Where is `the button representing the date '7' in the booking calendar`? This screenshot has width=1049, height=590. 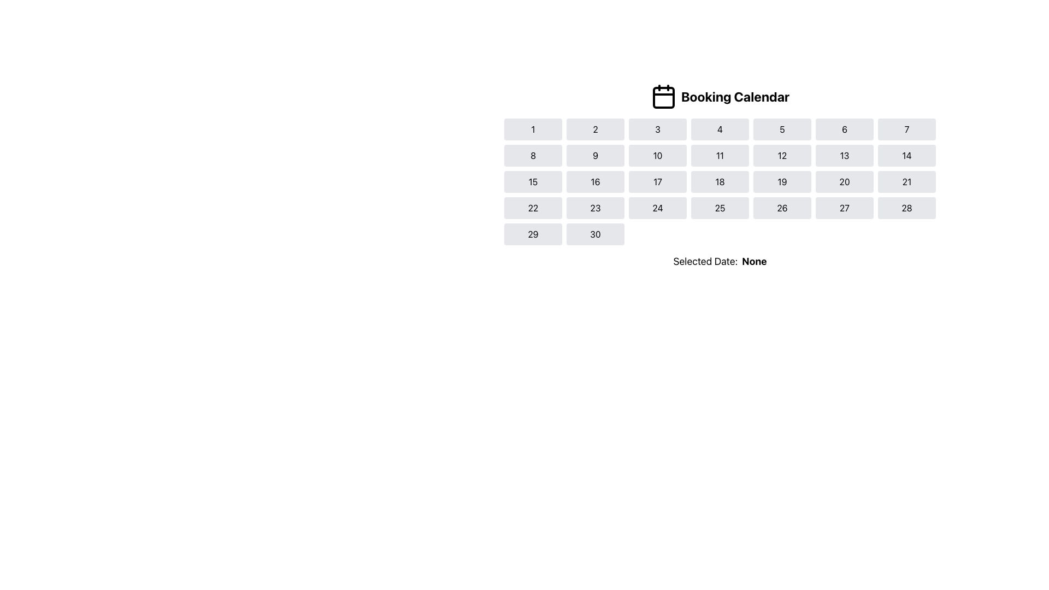 the button representing the date '7' in the booking calendar is located at coordinates (907, 128).